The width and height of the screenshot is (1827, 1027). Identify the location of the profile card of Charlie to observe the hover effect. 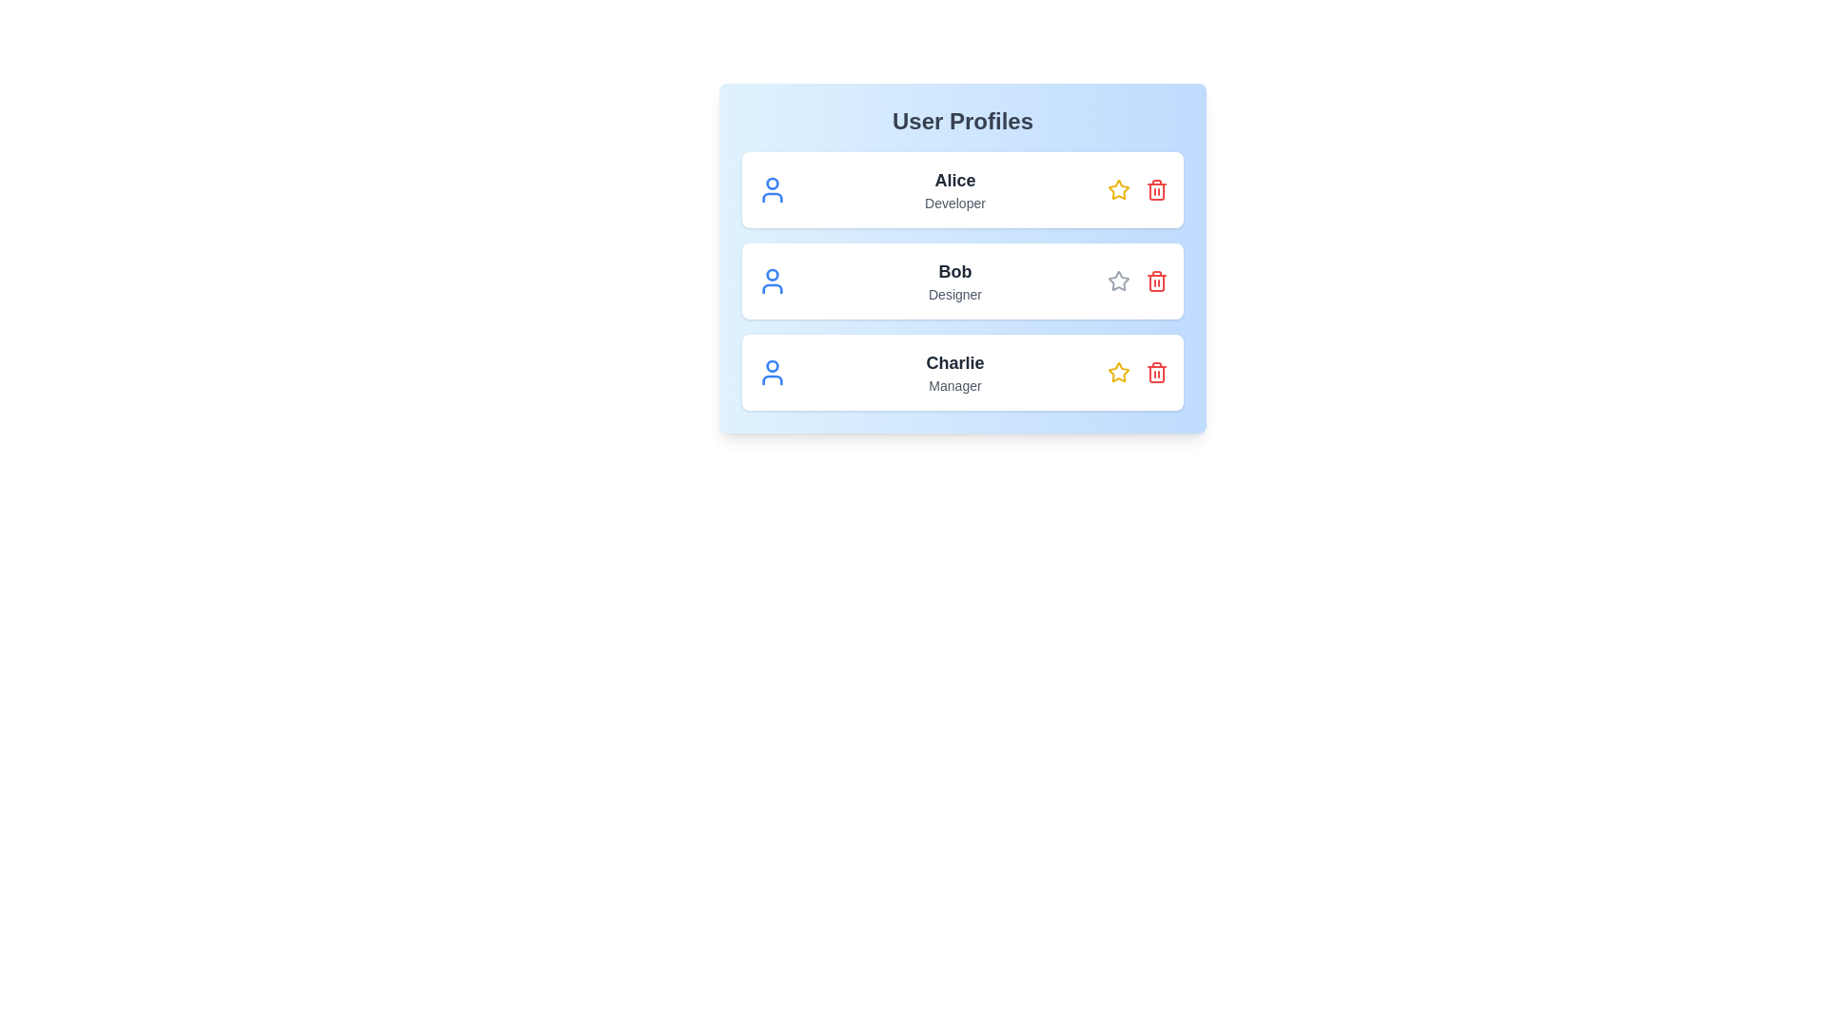
(963, 373).